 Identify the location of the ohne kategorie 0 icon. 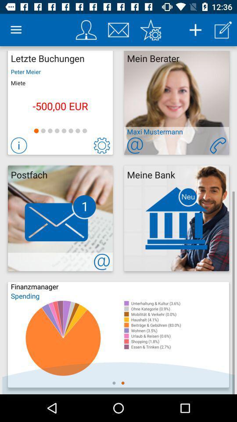
(180, 309).